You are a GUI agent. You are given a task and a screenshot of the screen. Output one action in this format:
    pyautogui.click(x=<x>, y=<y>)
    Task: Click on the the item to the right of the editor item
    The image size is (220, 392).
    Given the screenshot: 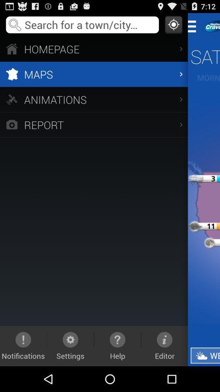 What is the action you would take?
    pyautogui.click(x=205, y=355)
    